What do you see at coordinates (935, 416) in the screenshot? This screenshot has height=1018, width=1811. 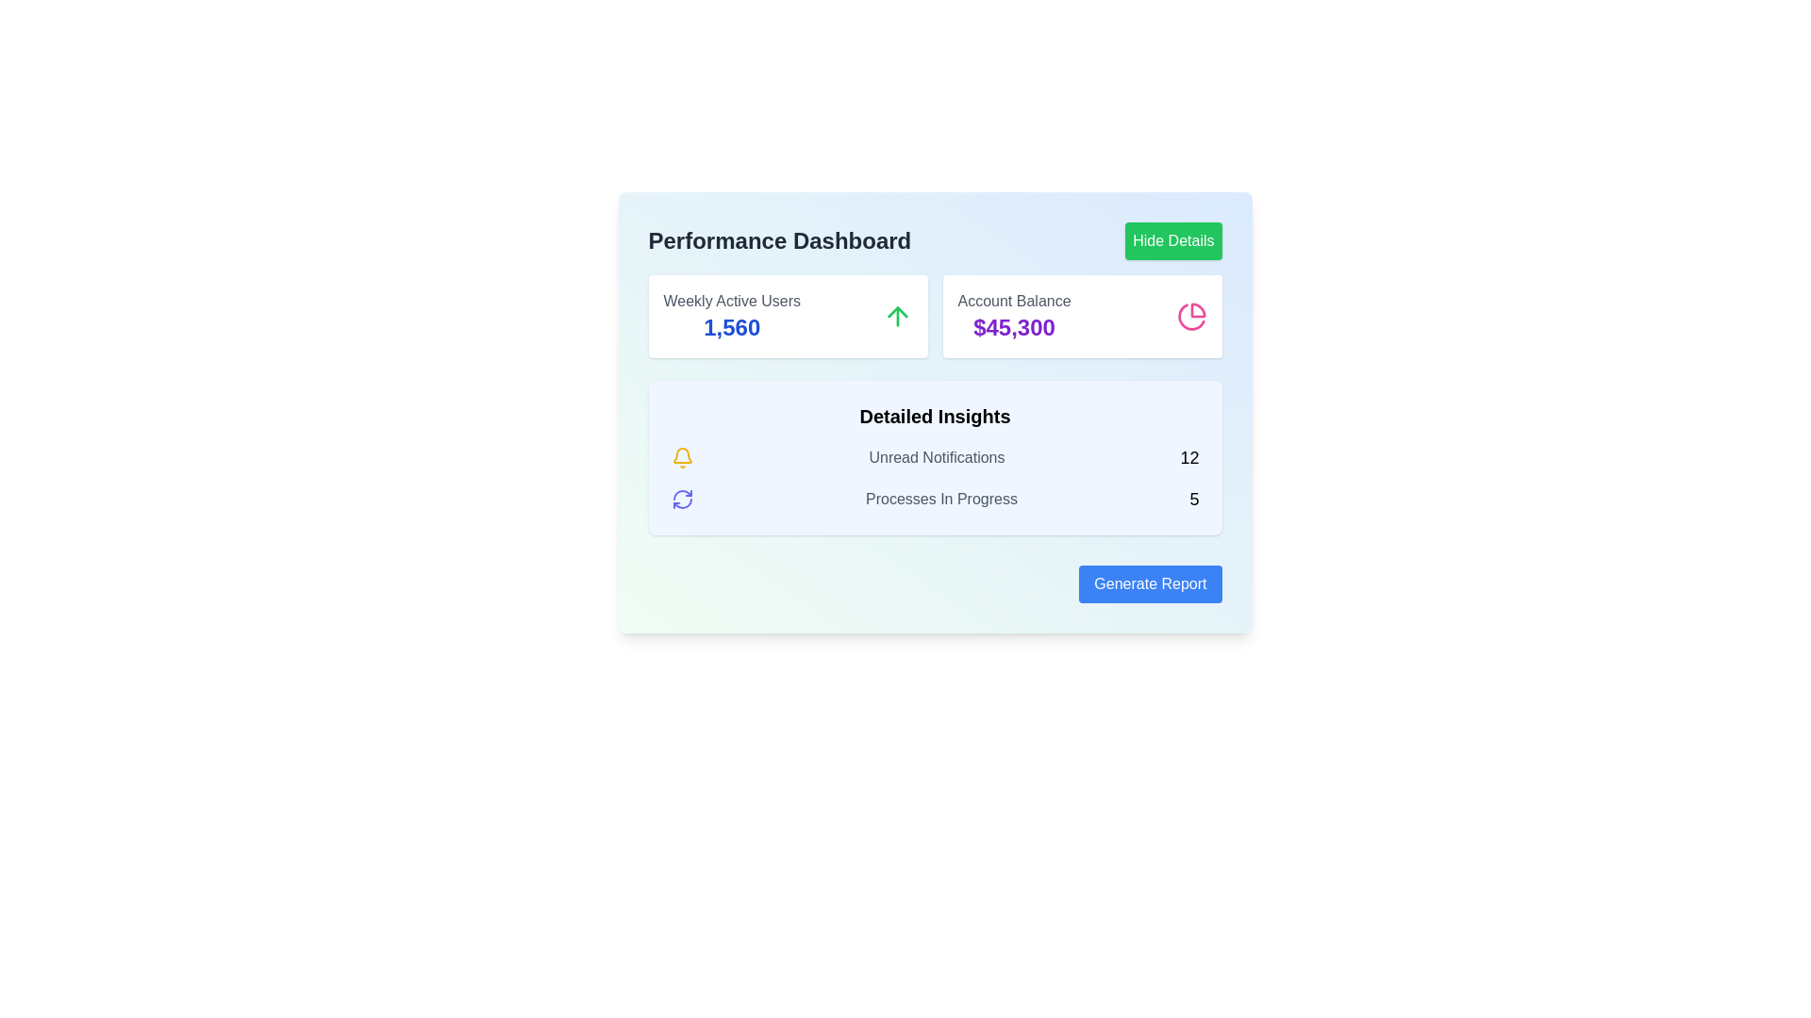 I see `the text label with the content 'Detailed Insights', which is prominently styled as a heading and centrally aligned at the top of its section` at bounding box center [935, 416].